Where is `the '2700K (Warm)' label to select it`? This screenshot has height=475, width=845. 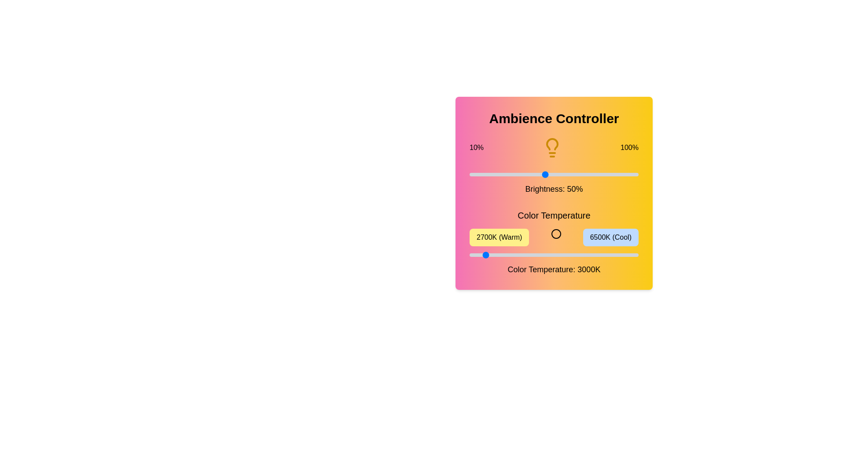
the '2700K (Warm)' label to select it is located at coordinates (499, 237).